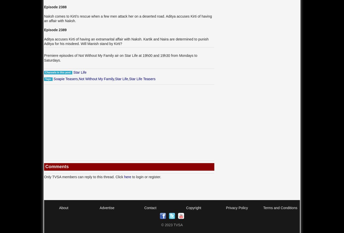 The height and width of the screenshot is (233, 344). Describe the element at coordinates (237, 208) in the screenshot. I see `'Privacy Policy'` at that location.